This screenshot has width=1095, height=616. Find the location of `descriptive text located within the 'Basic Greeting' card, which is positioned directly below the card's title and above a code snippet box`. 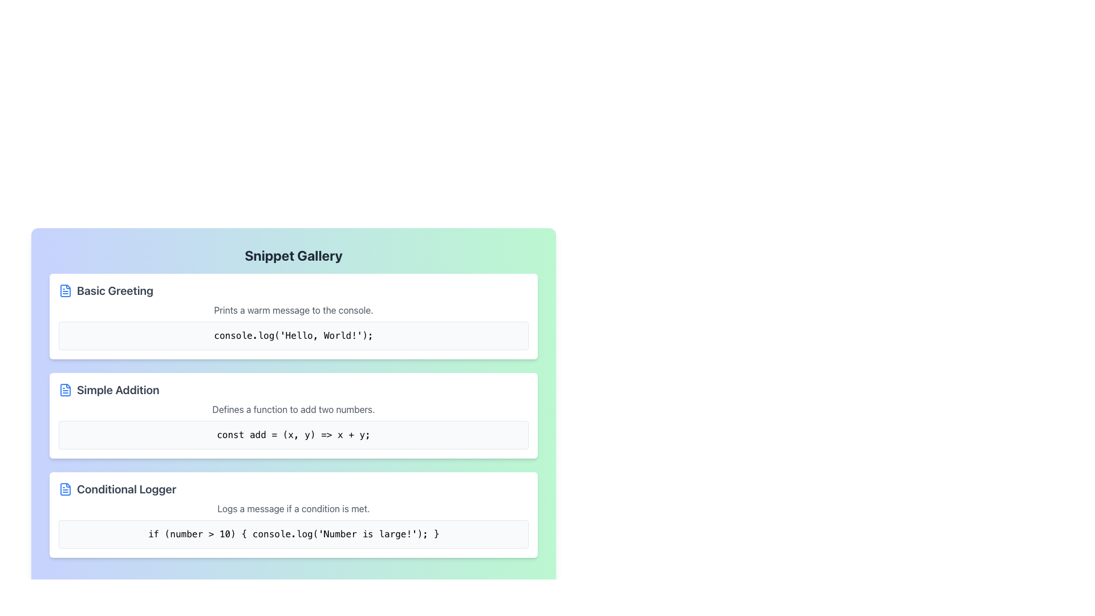

descriptive text located within the 'Basic Greeting' card, which is positioned directly below the card's title and above a code snippet box is located at coordinates (293, 310).